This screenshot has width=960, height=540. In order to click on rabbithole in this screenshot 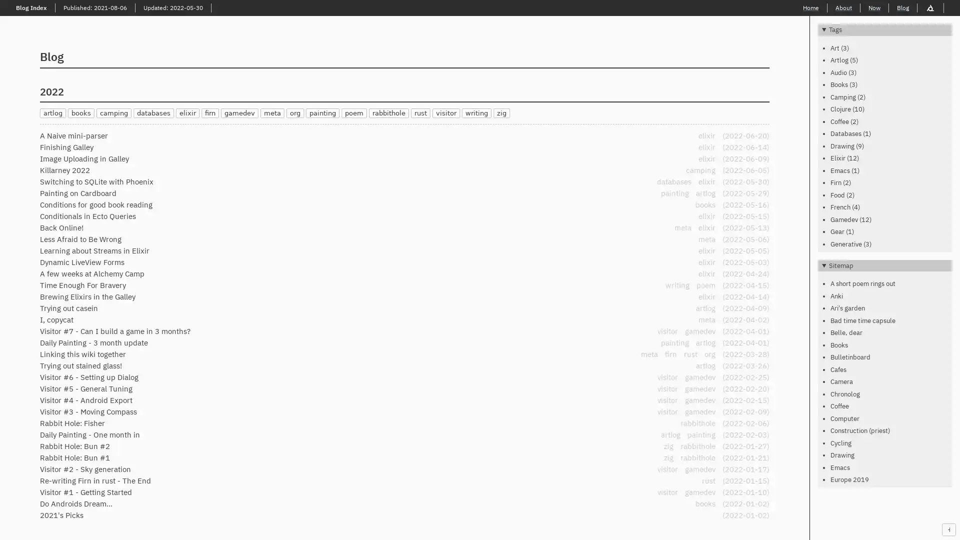, I will do `click(388, 112)`.